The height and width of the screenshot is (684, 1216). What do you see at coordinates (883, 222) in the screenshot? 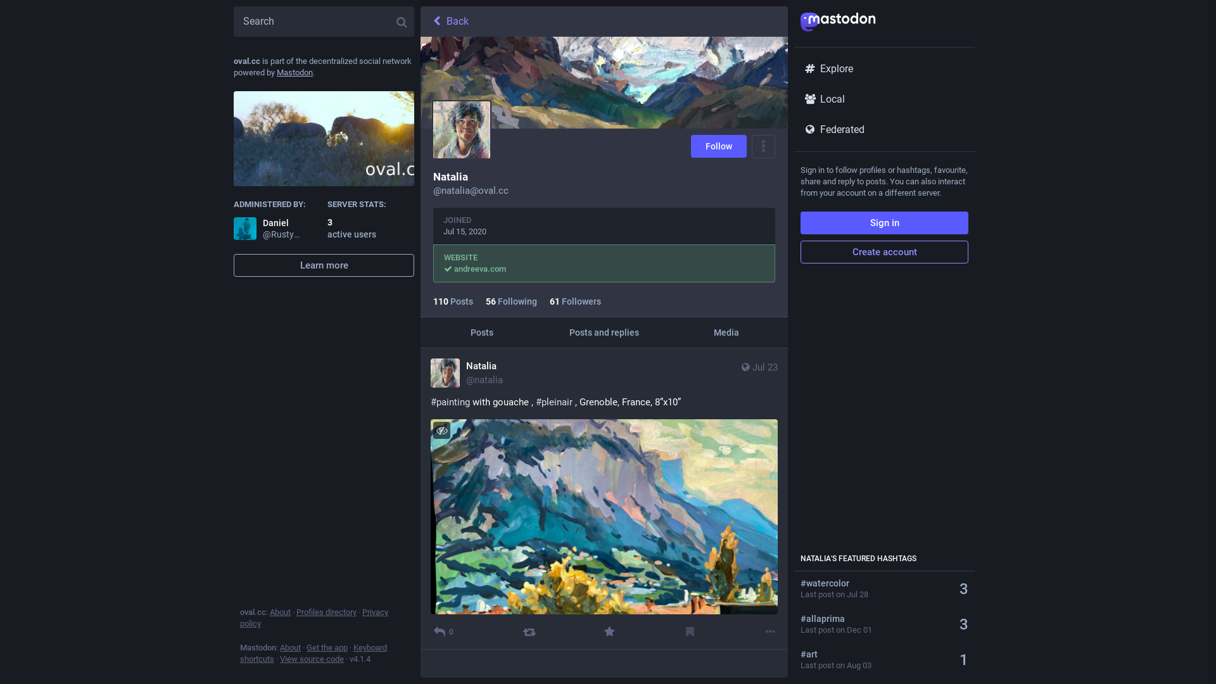
I see `'Sign in'` at bounding box center [883, 222].